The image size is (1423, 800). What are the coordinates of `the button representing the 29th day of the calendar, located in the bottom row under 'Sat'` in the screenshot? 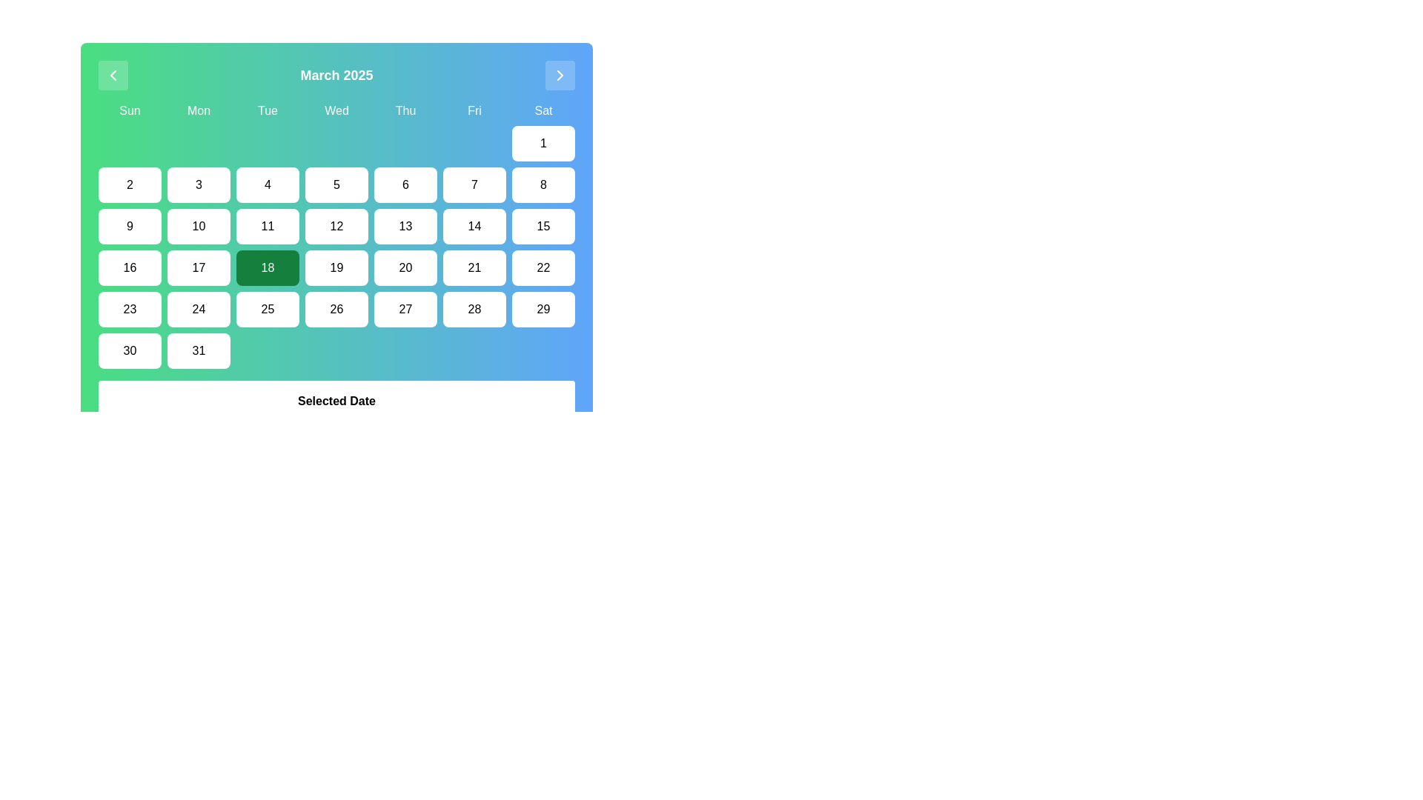 It's located at (543, 308).